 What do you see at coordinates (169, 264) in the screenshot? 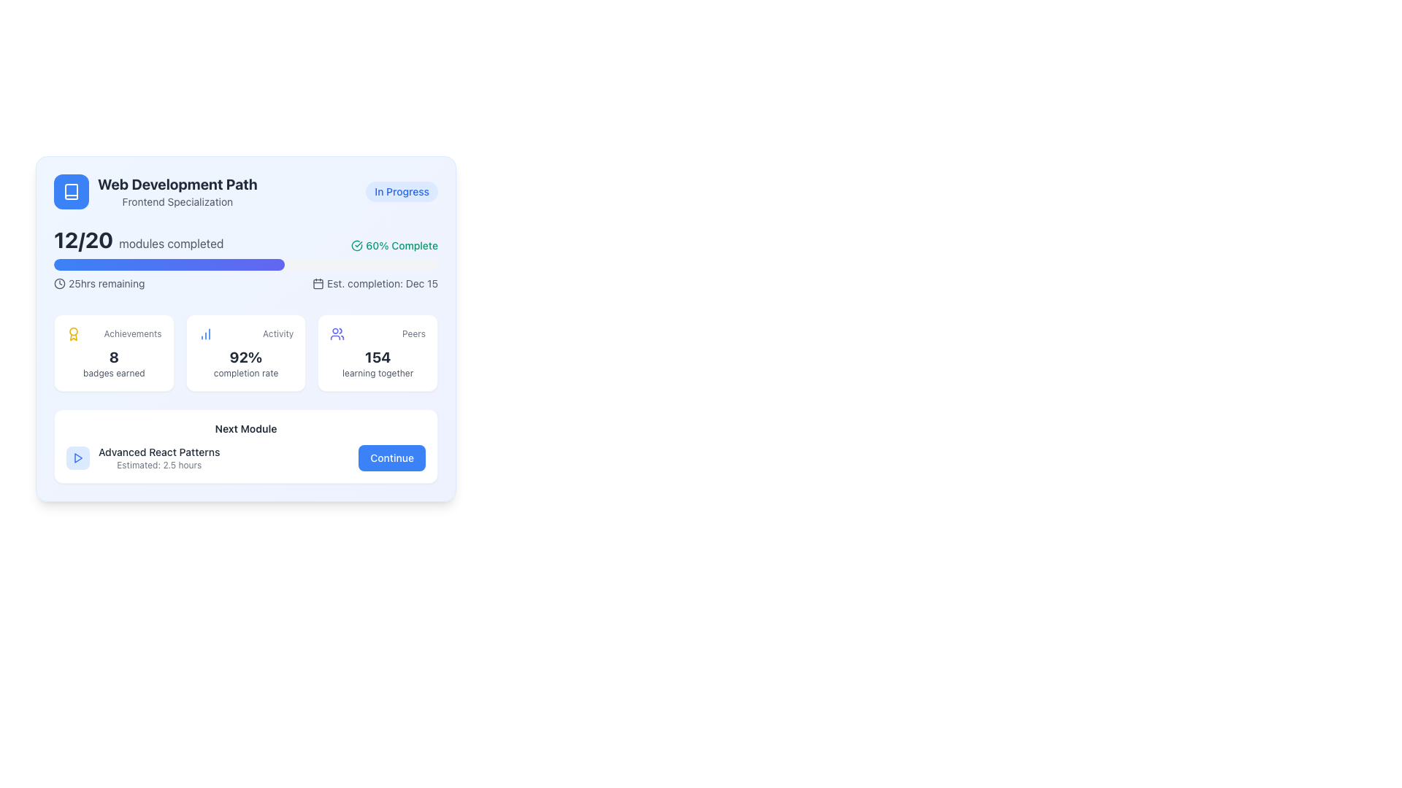
I see `the filled portion of the progress bar that visually represents the proportion of modules completed, located below '12/20 modules completed' and above '25hrs remaining'` at bounding box center [169, 264].